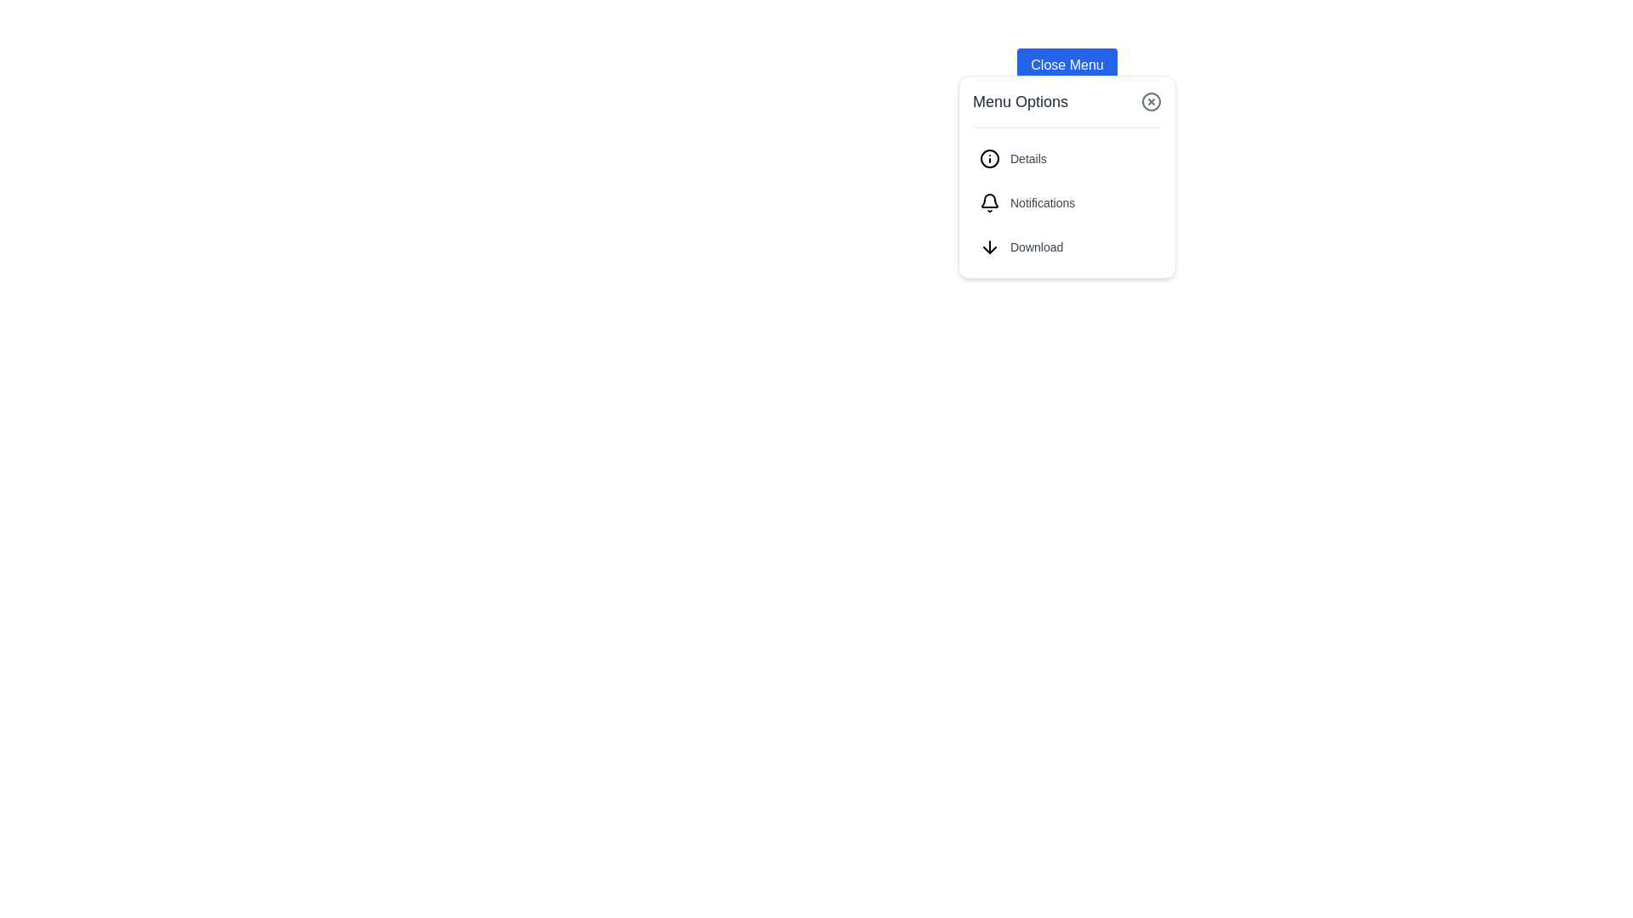 This screenshot has width=1633, height=918. Describe the element at coordinates (989, 246) in the screenshot. I see `the black downward-pointing arrow SVG icon located to the left of the text 'Download' in the vertical list of menu options` at that location.